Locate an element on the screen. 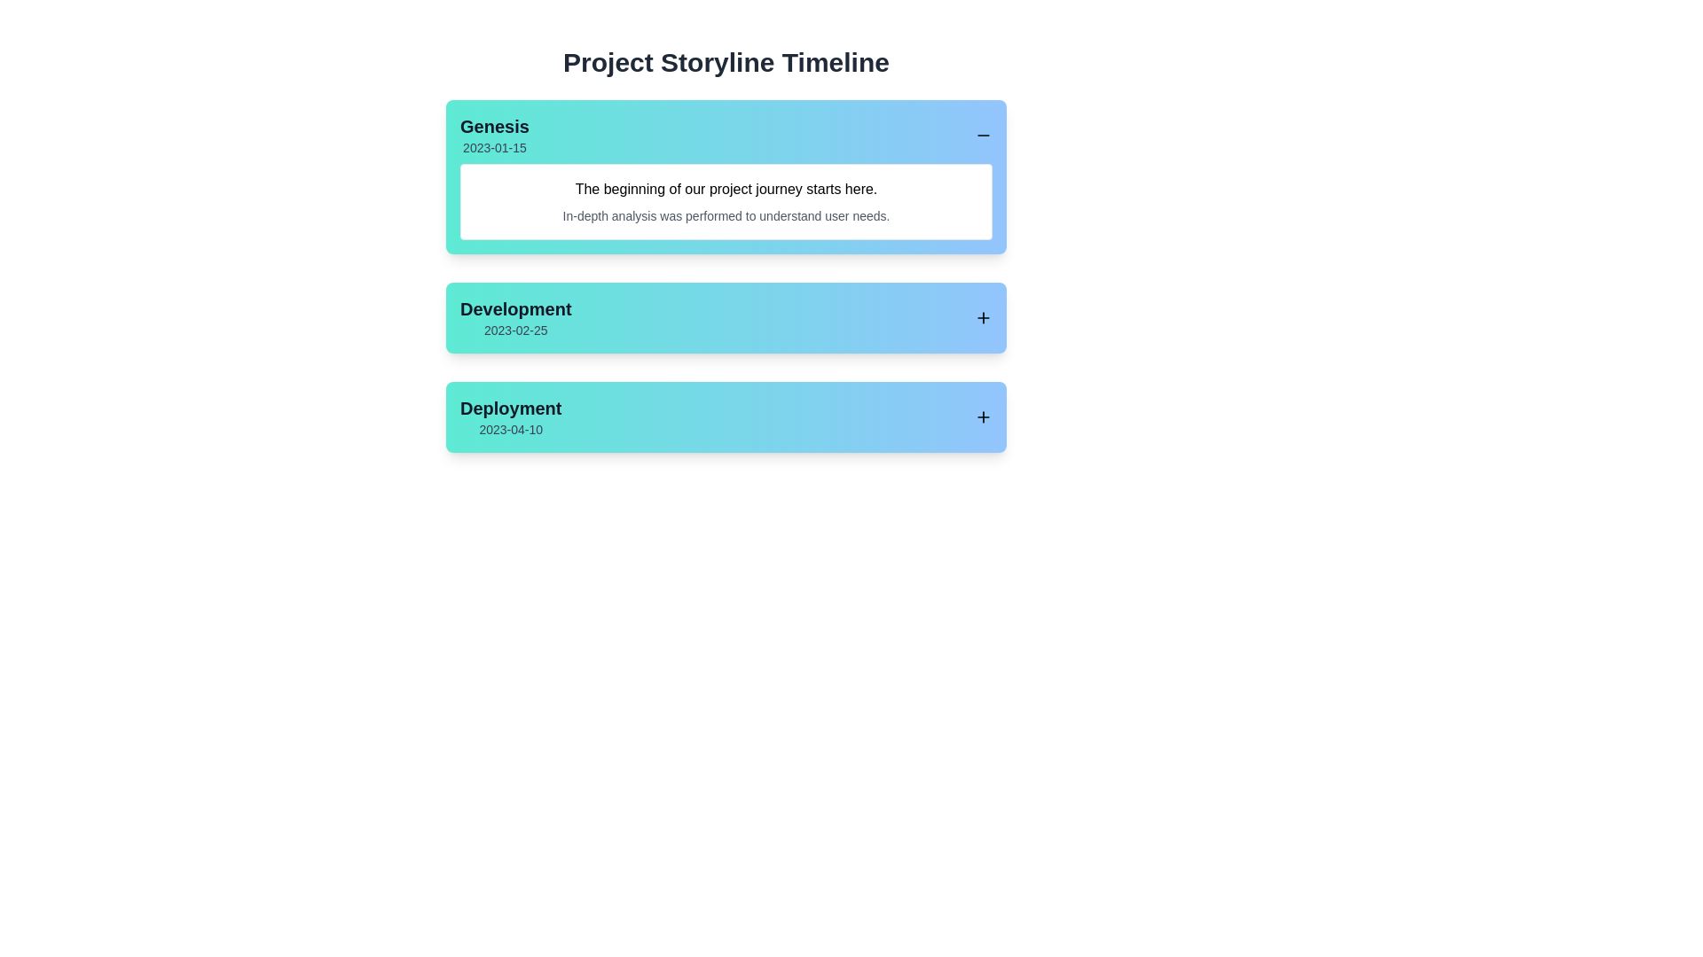  the static text element indicating the 'Development' stage of the project, which is located in the upper section of the middle card in the vertical timeline layout is located at coordinates (514, 307).